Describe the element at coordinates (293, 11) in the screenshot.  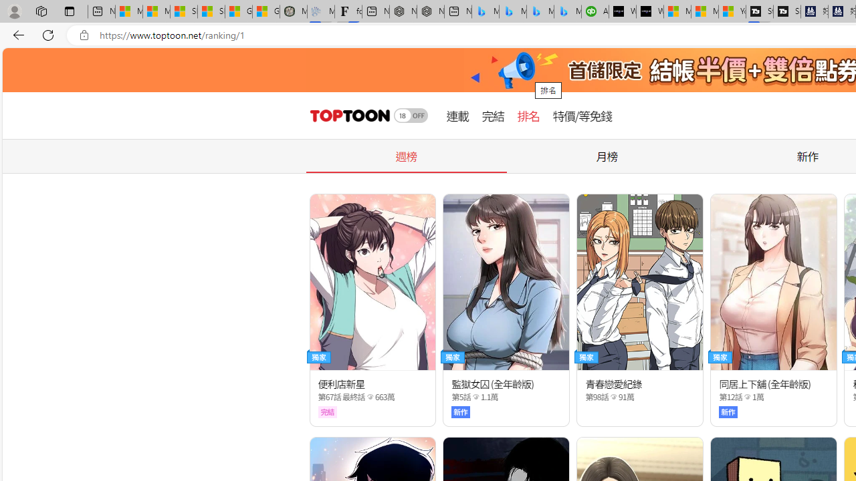
I see `'Manatee Mortality Statistics | FWC'` at that location.